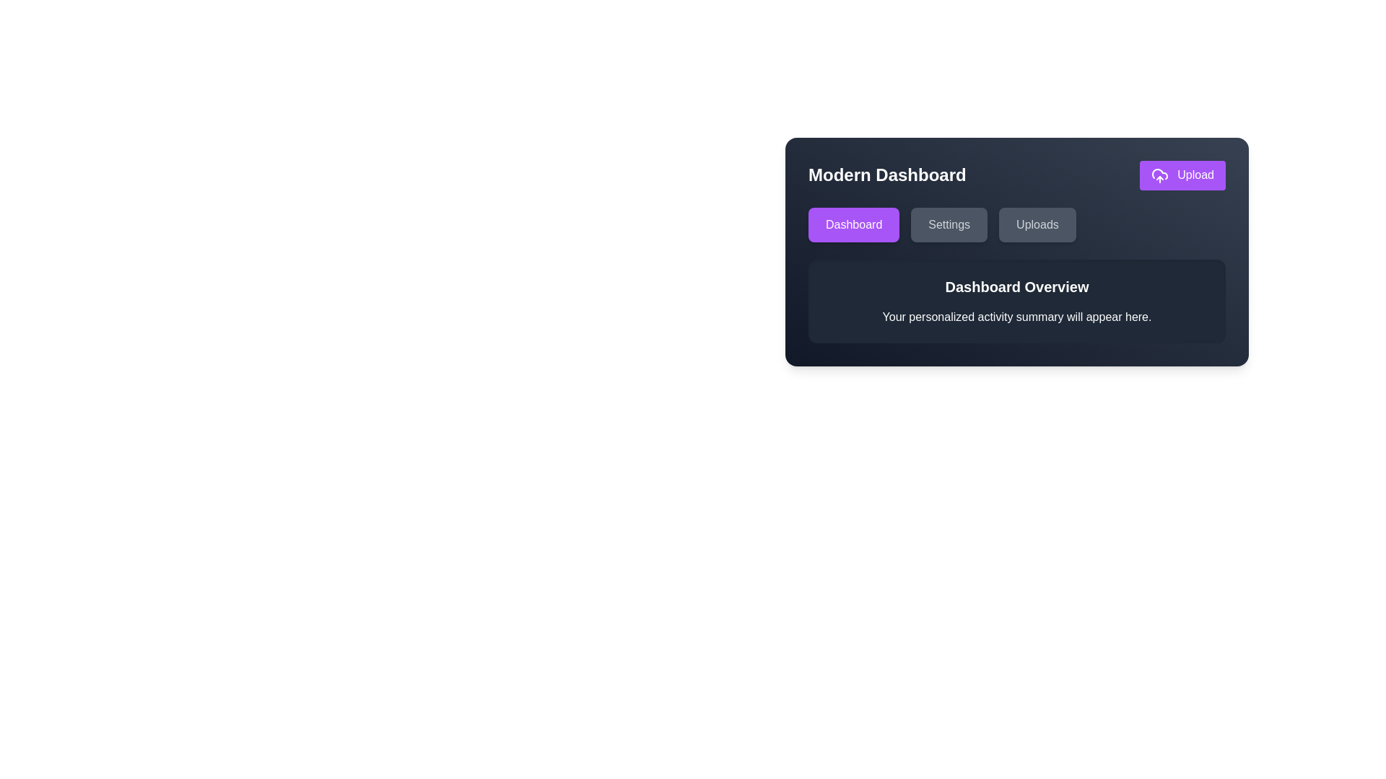 The height and width of the screenshot is (779, 1386). I want to click on the text label or heading located in the header section on the left side, which serves as the title for the current page or section, so click(886, 175).